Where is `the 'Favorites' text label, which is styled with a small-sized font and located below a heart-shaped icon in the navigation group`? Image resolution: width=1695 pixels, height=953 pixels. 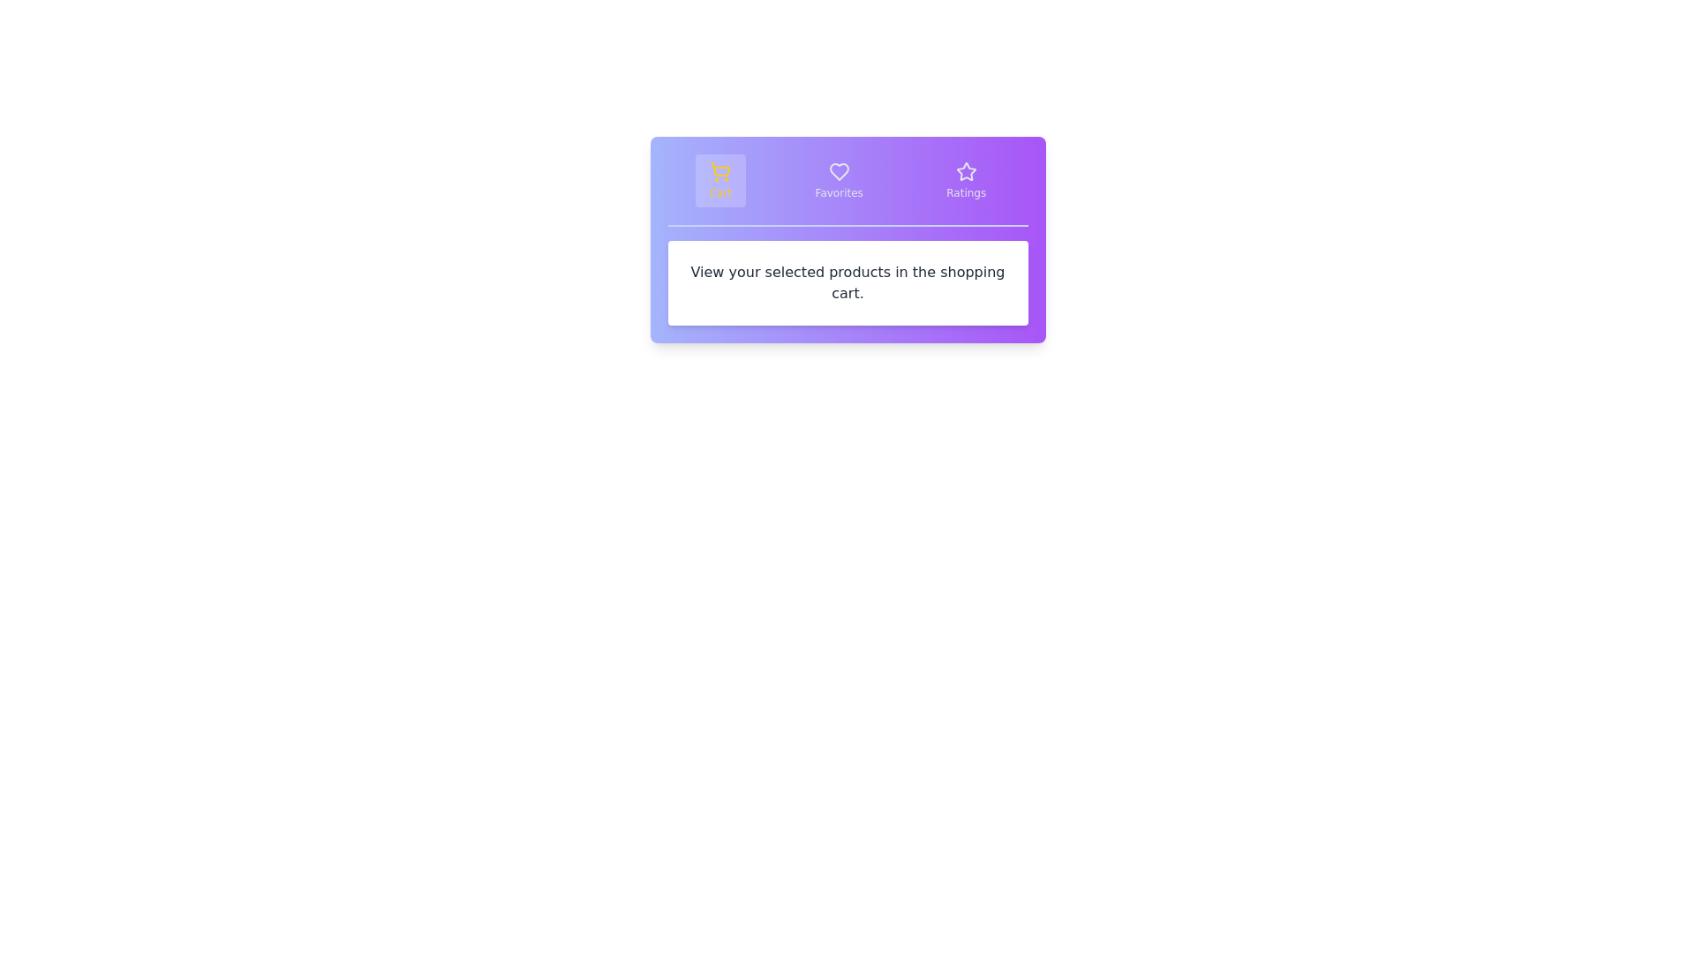
the 'Favorites' text label, which is styled with a small-sized font and located below a heart-shaped icon in the navigation group is located at coordinates (838, 193).